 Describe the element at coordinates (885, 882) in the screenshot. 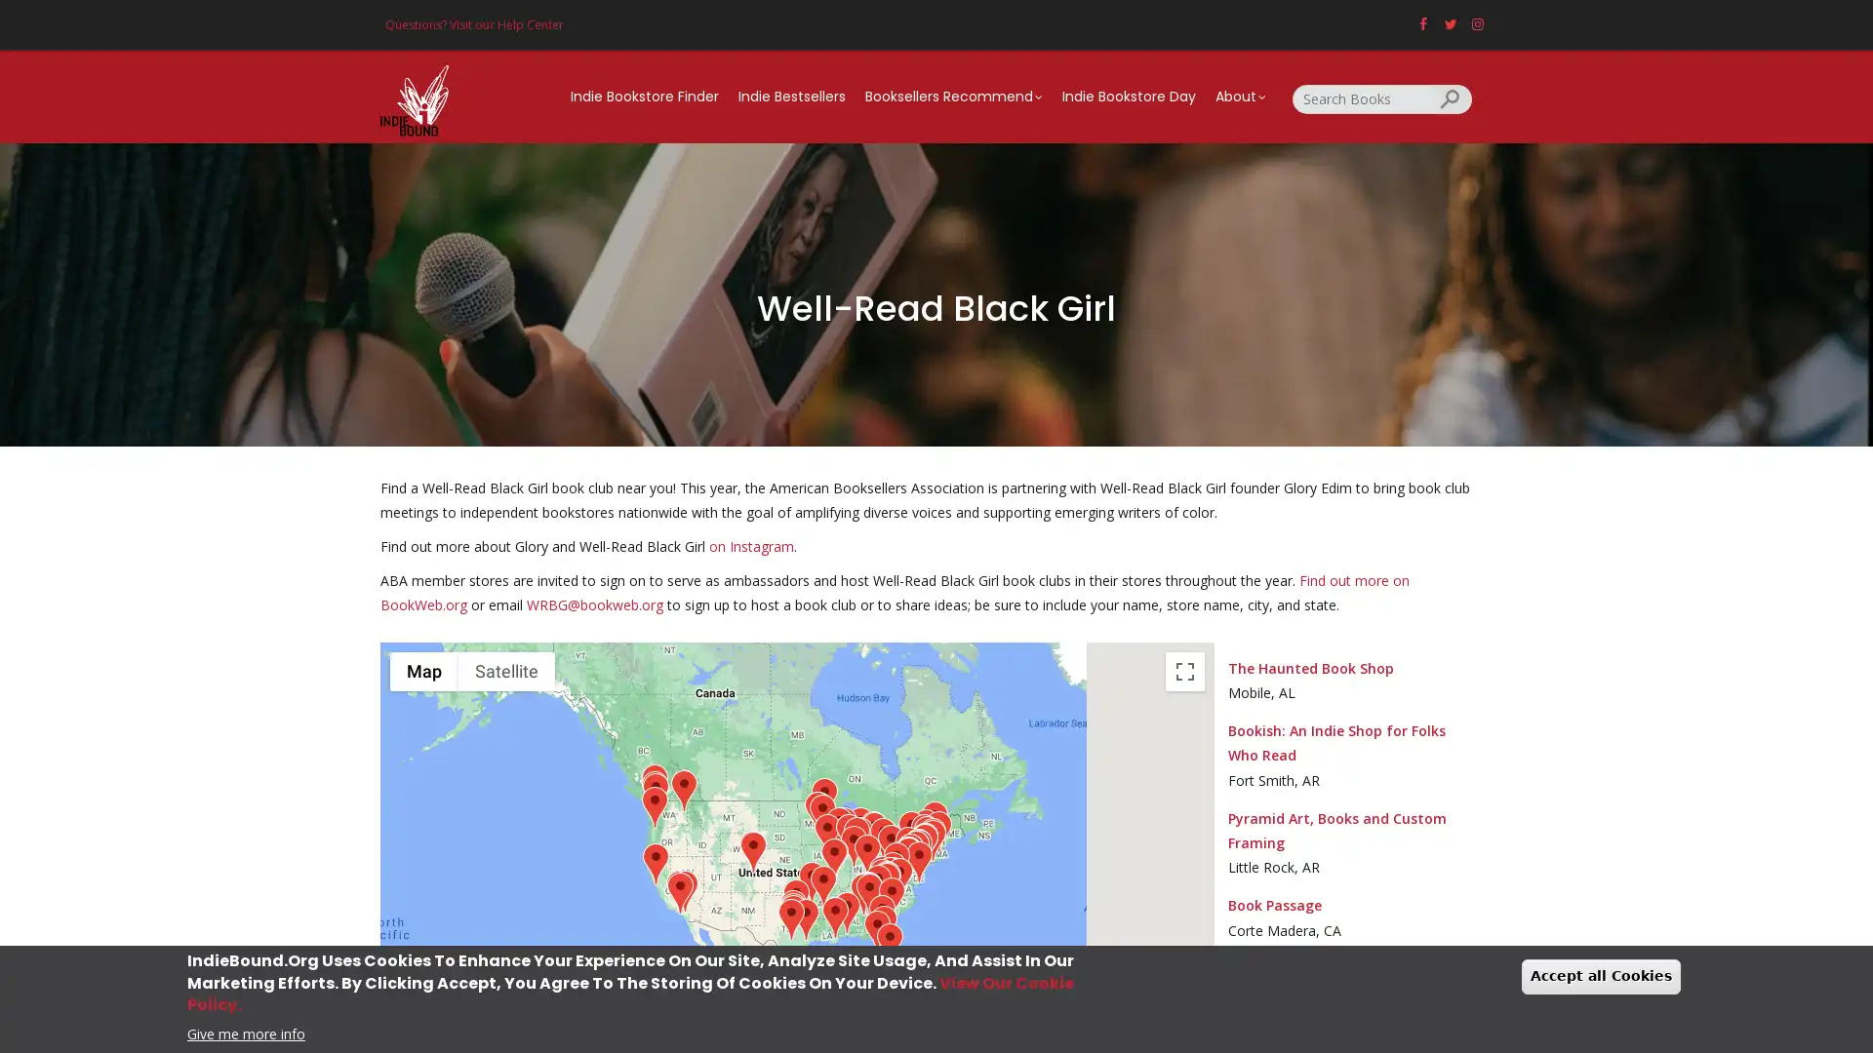

I see `Park Road Books` at that location.